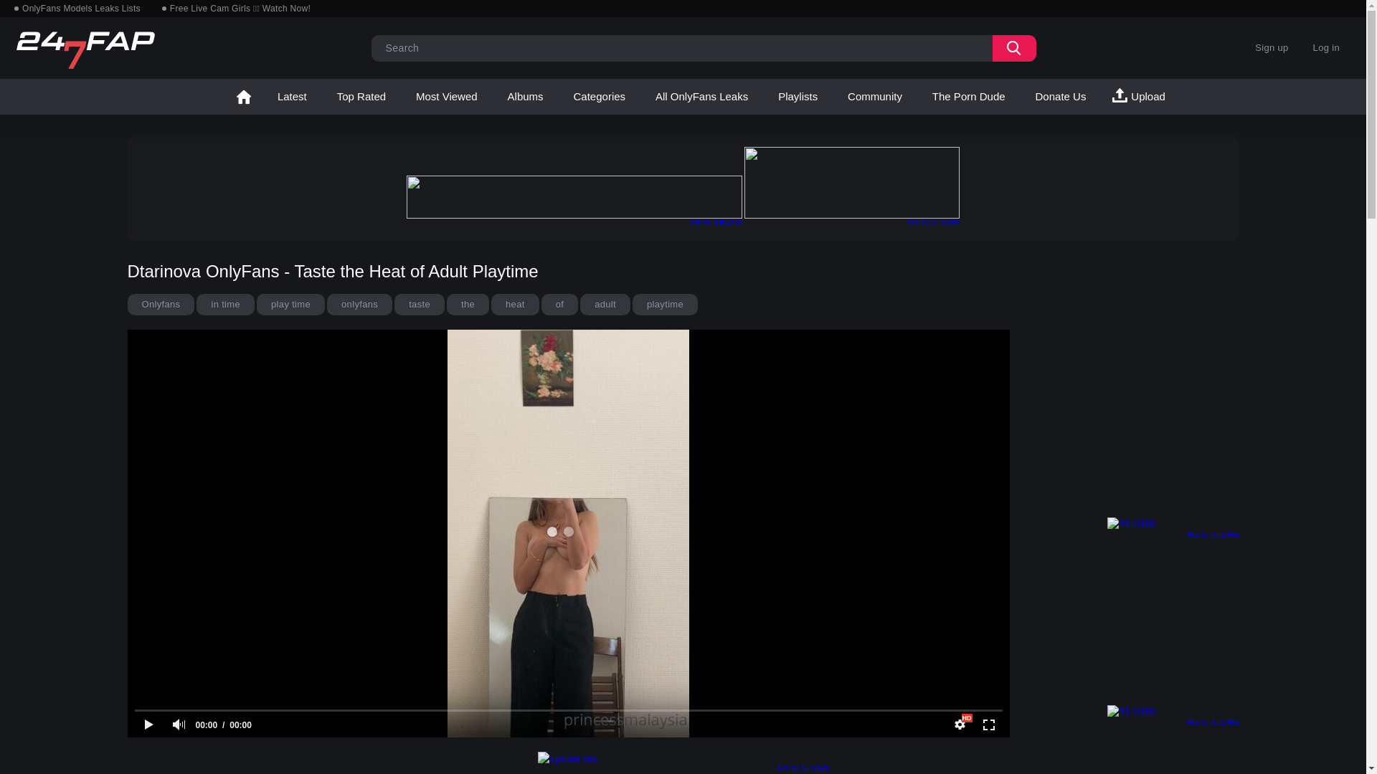 This screenshot has width=1377, height=774. Describe the element at coordinates (468, 303) in the screenshot. I see `'the'` at that location.